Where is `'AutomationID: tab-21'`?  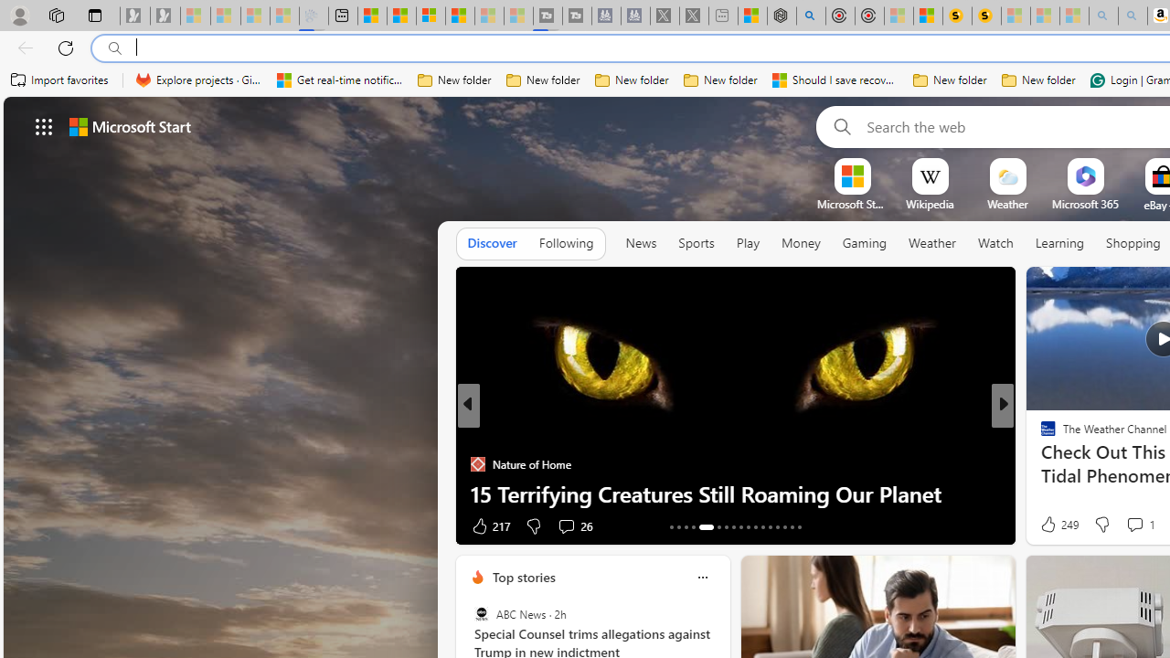
'AutomationID: tab-21' is located at coordinates (740, 527).